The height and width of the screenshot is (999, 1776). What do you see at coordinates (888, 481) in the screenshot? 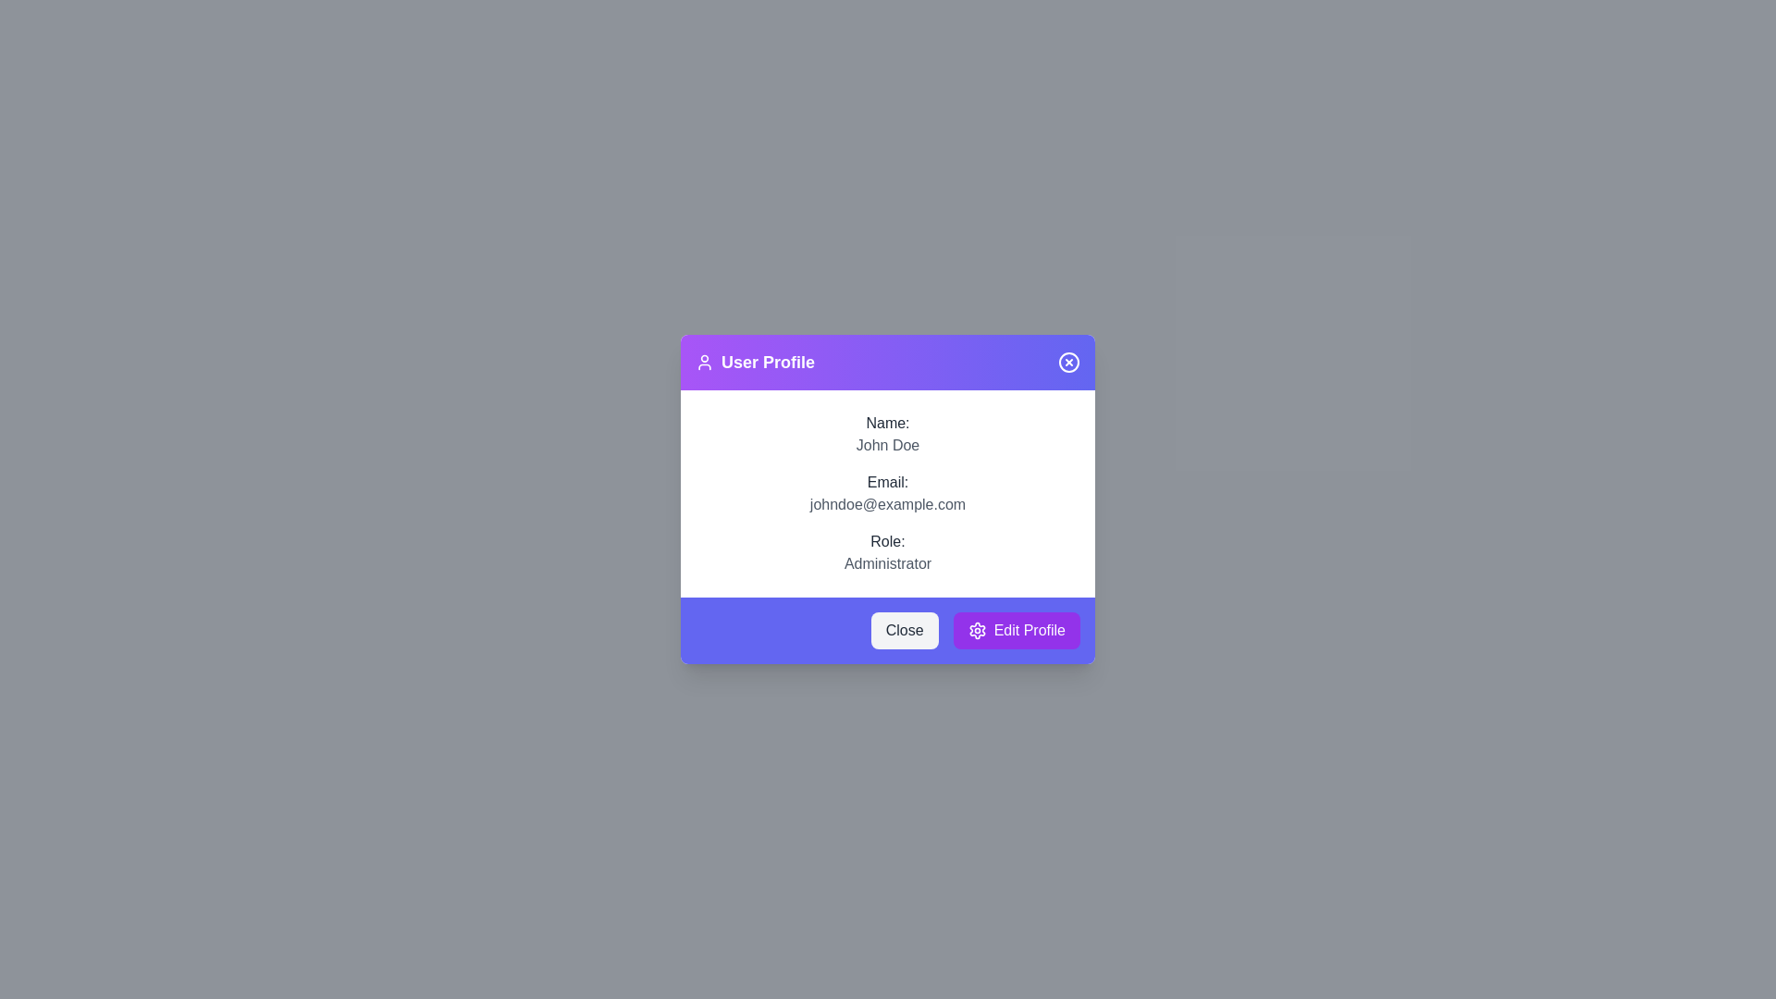
I see `'Email:' label, which is a medium, bold text in grayish-black color located in the profile card, beneath the 'Name:' label and above the email address 'johndoe@example.com'` at bounding box center [888, 481].